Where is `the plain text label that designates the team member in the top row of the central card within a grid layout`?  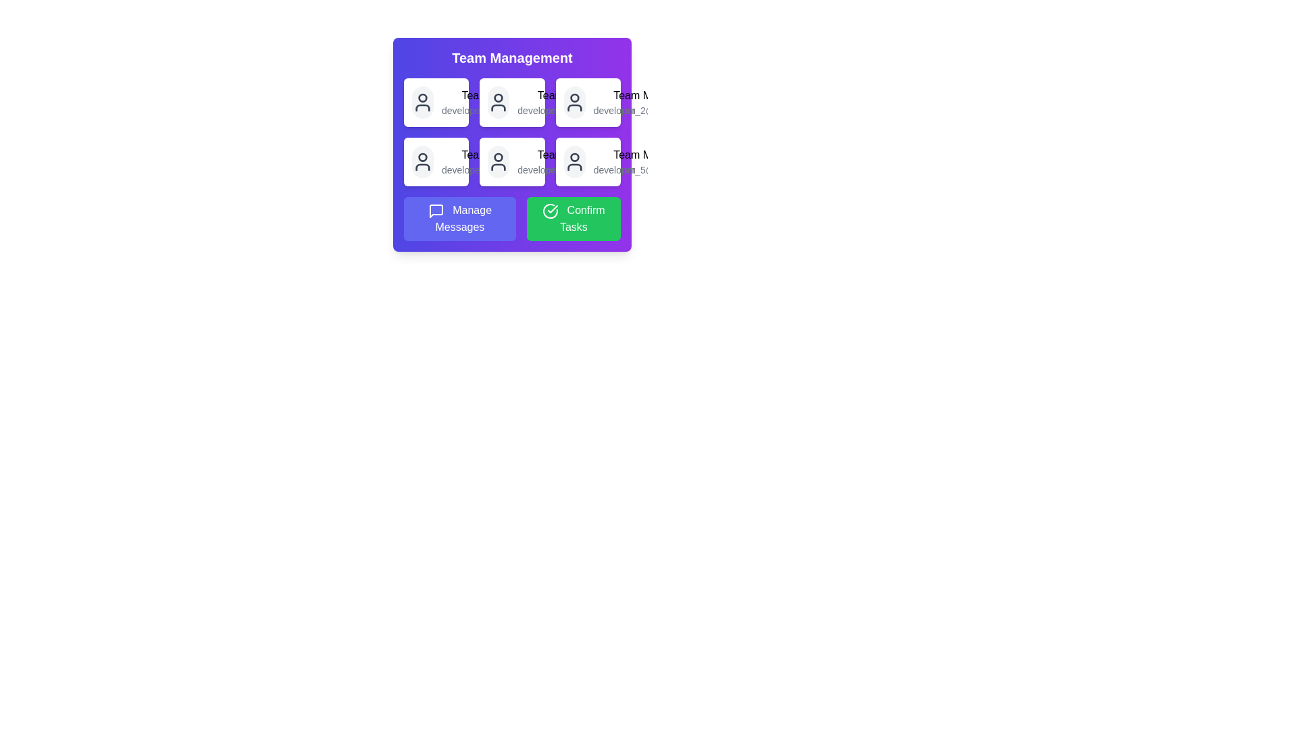
the plain text label that designates the team member in the top row of the central card within a grid layout is located at coordinates (500, 95).